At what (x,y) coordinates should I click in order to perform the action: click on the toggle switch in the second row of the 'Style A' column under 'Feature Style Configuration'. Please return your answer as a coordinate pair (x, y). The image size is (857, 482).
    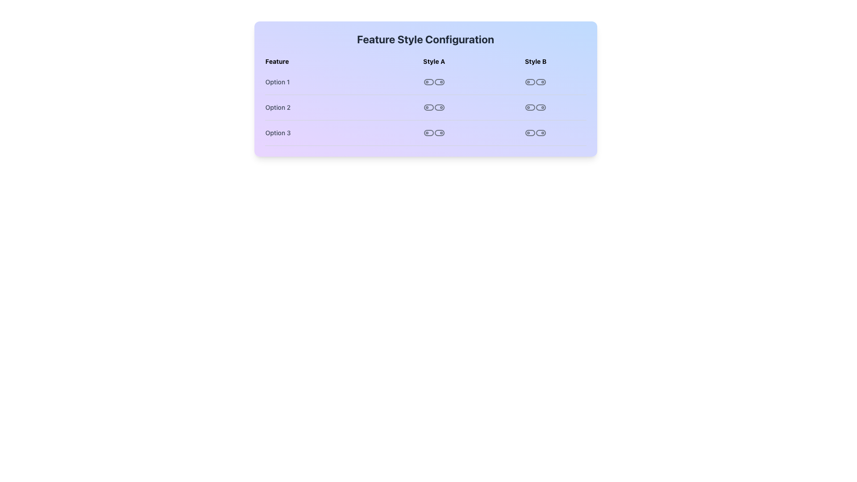
    Looking at the image, I should click on (439, 107).